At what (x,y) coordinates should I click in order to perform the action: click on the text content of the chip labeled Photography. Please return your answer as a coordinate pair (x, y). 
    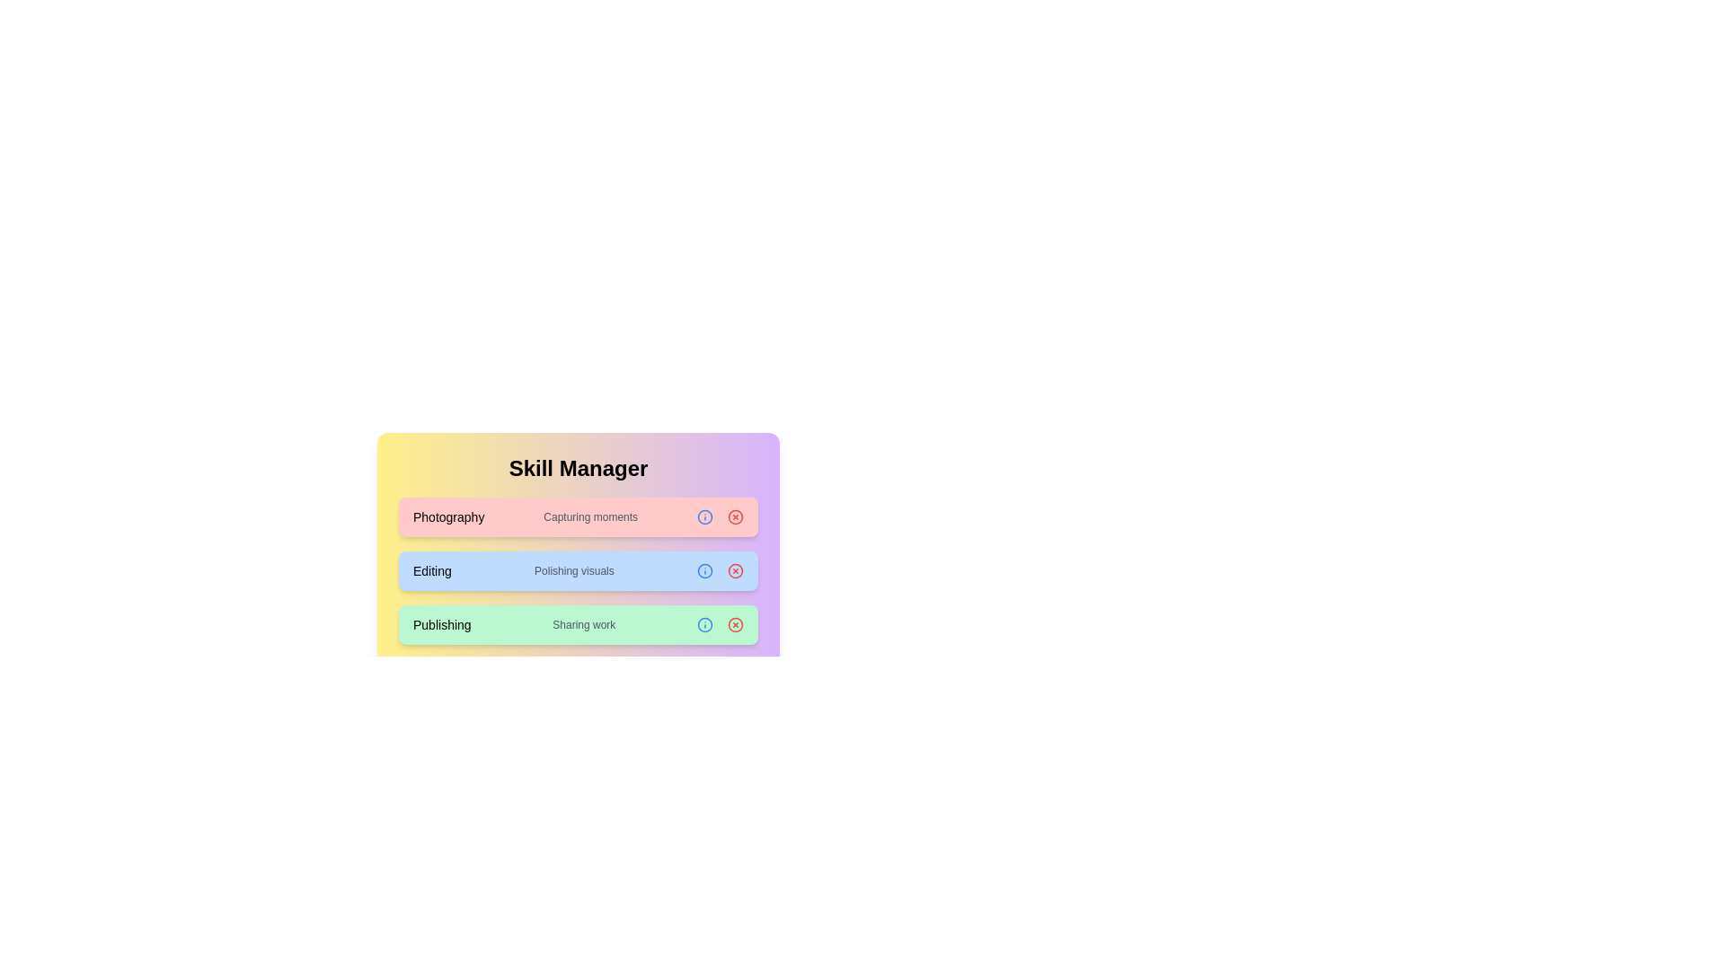
    Looking at the image, I should click on (448, 516).